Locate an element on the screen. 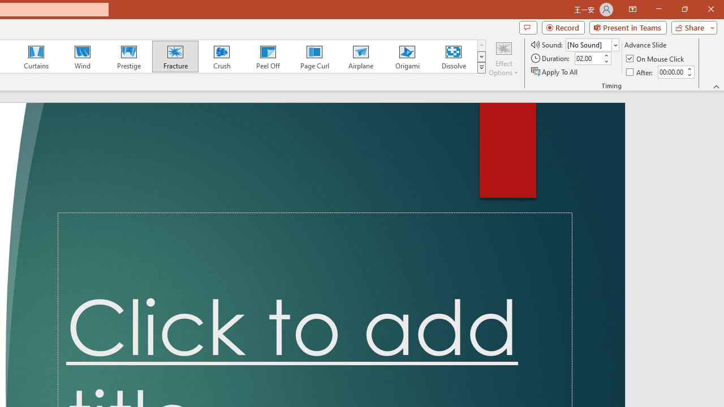  'Origami' is located at coordinates (407, 57).